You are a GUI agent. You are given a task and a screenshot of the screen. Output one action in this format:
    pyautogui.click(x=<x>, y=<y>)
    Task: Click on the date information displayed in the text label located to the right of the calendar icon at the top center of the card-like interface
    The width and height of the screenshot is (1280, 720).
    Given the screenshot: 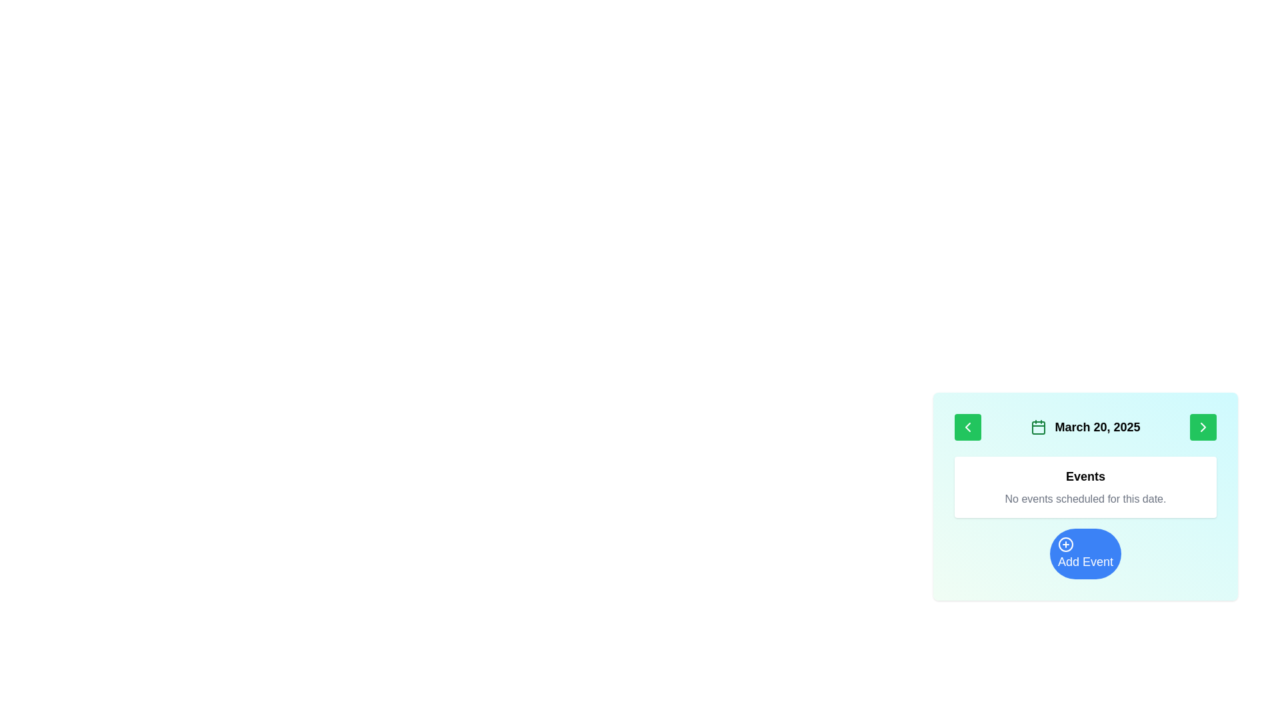 What is the action you would take?
    pyautogui.click(x=1097, y=427)
    